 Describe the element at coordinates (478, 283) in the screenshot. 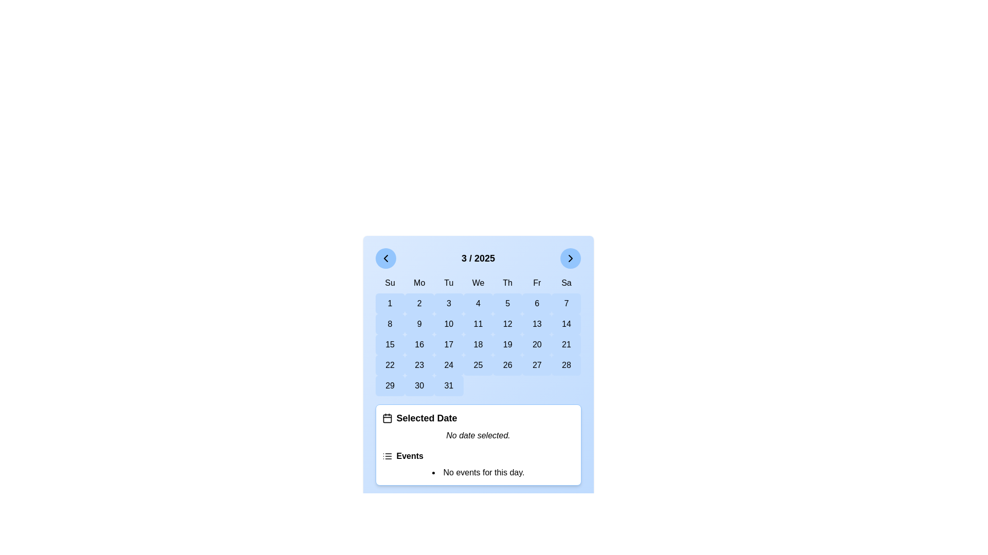

I see `the static text element displaying 'We' in the fourth column of the calendar grid layout` at that location.